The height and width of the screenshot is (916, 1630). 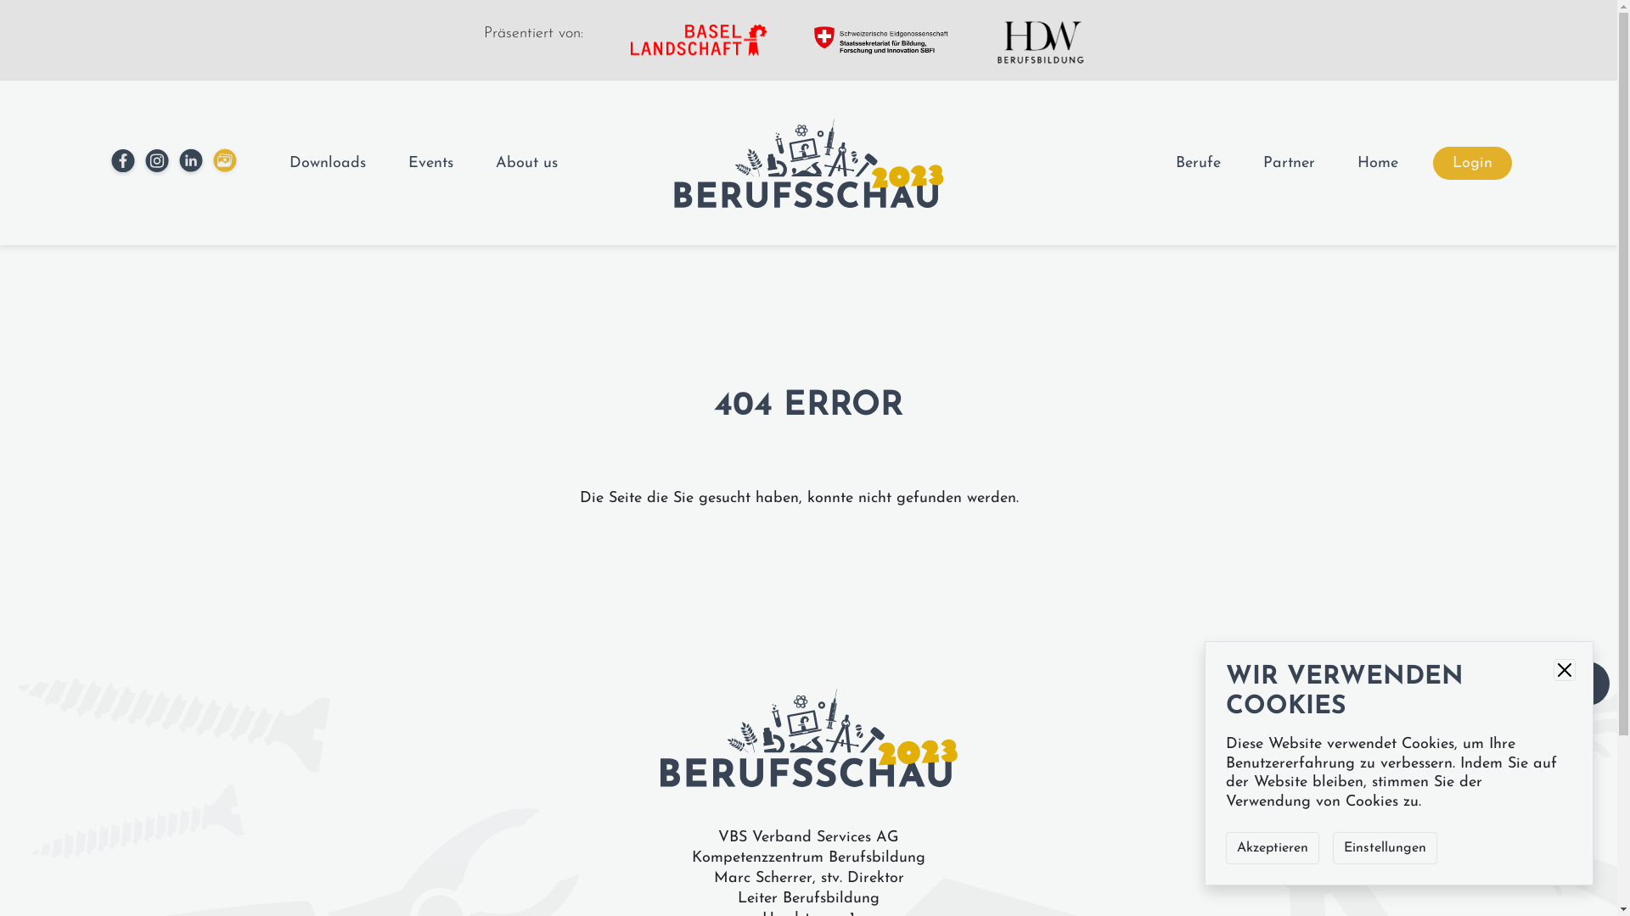 I want to click on 'About us', so click(x=526, y=162).